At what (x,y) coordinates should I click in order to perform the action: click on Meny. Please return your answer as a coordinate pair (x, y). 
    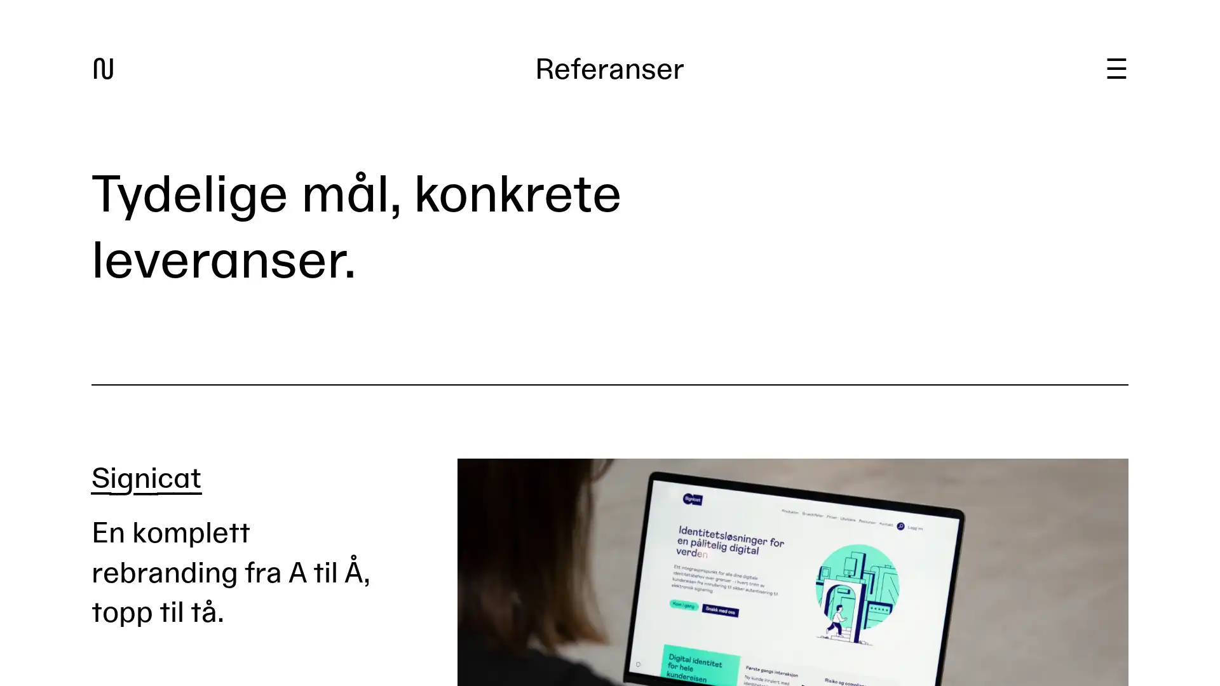
    Looking at the image, I should click on (1115, 69).